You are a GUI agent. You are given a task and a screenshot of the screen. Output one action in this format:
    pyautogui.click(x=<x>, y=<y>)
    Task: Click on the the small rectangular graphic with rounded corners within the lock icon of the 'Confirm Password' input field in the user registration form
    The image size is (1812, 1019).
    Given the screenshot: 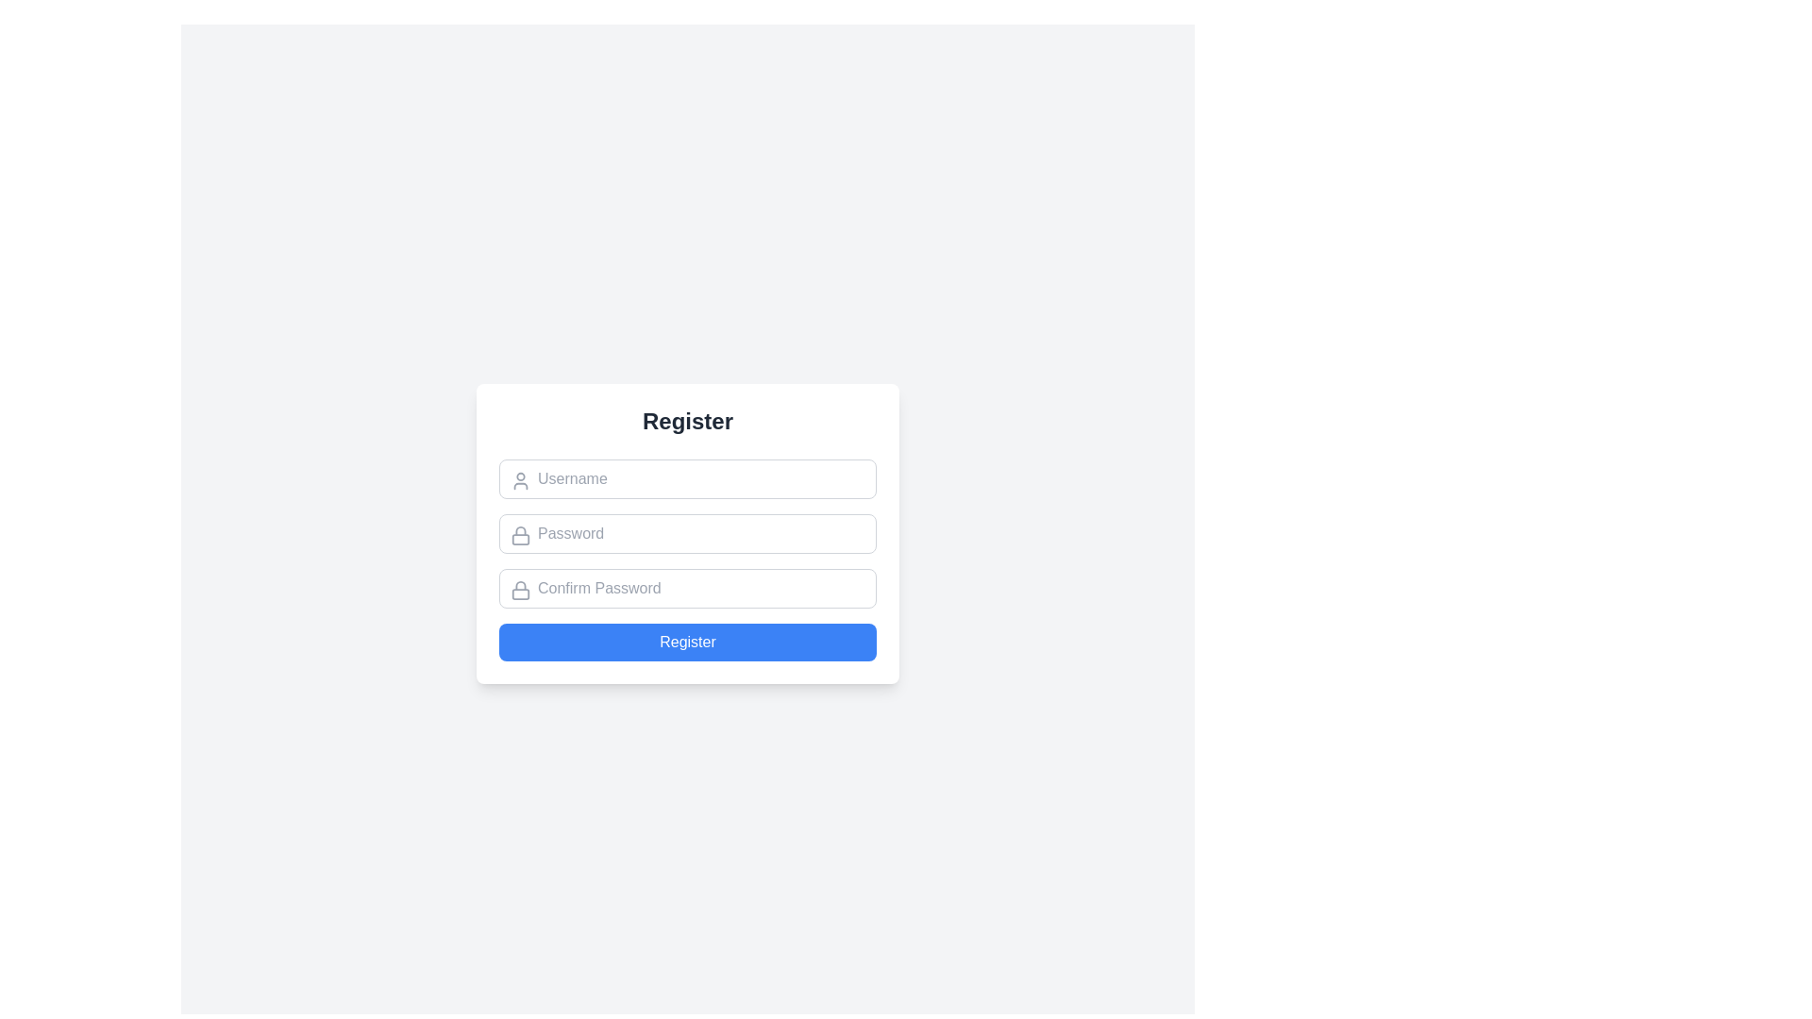 What is the action you would take?
    pyautogui.click(x=521, y=593)
    